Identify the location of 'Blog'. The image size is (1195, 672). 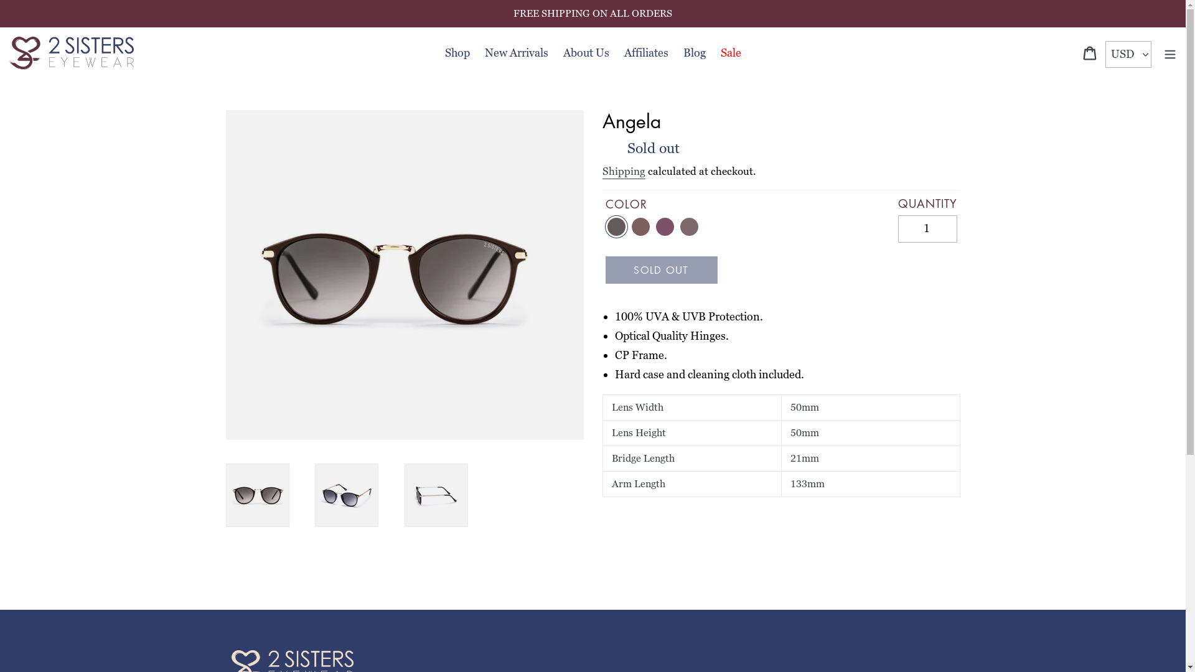
(694, 52).